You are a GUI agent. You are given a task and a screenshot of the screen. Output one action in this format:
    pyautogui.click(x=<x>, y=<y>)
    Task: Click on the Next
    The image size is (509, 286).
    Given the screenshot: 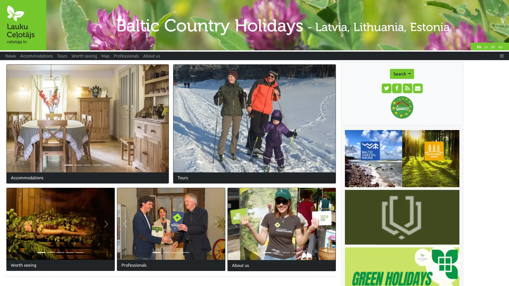 What is the action you would take?
    pyautogui.click(x=327, y=224)
    